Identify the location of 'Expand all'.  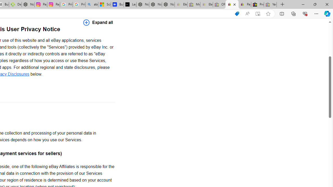
(98, 22).